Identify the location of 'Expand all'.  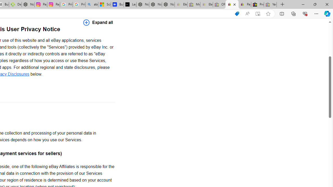
(98, 22).